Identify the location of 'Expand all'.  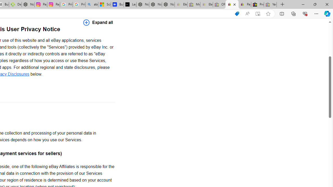
(98, 22).